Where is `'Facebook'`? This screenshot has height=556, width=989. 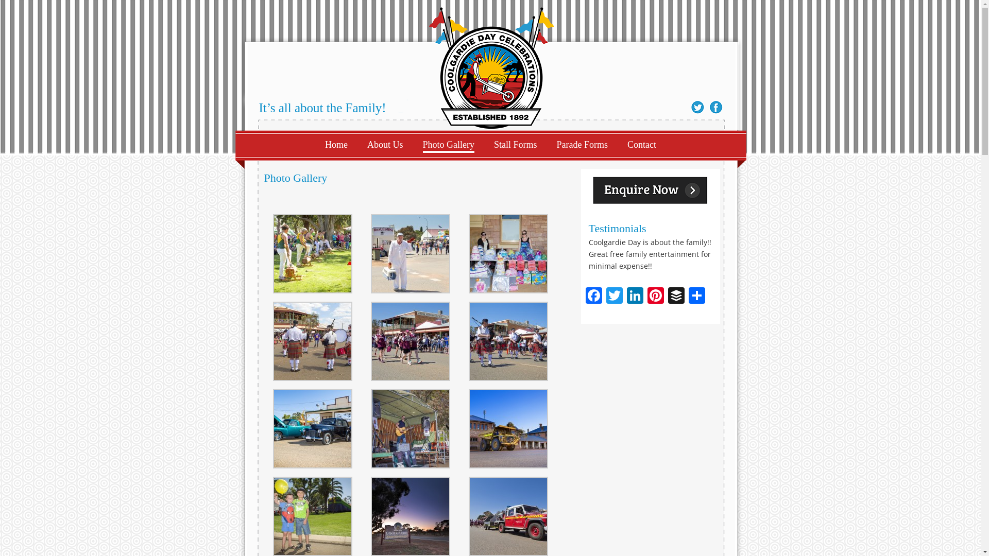
'Facebook' is located at coordinates (593, 296).